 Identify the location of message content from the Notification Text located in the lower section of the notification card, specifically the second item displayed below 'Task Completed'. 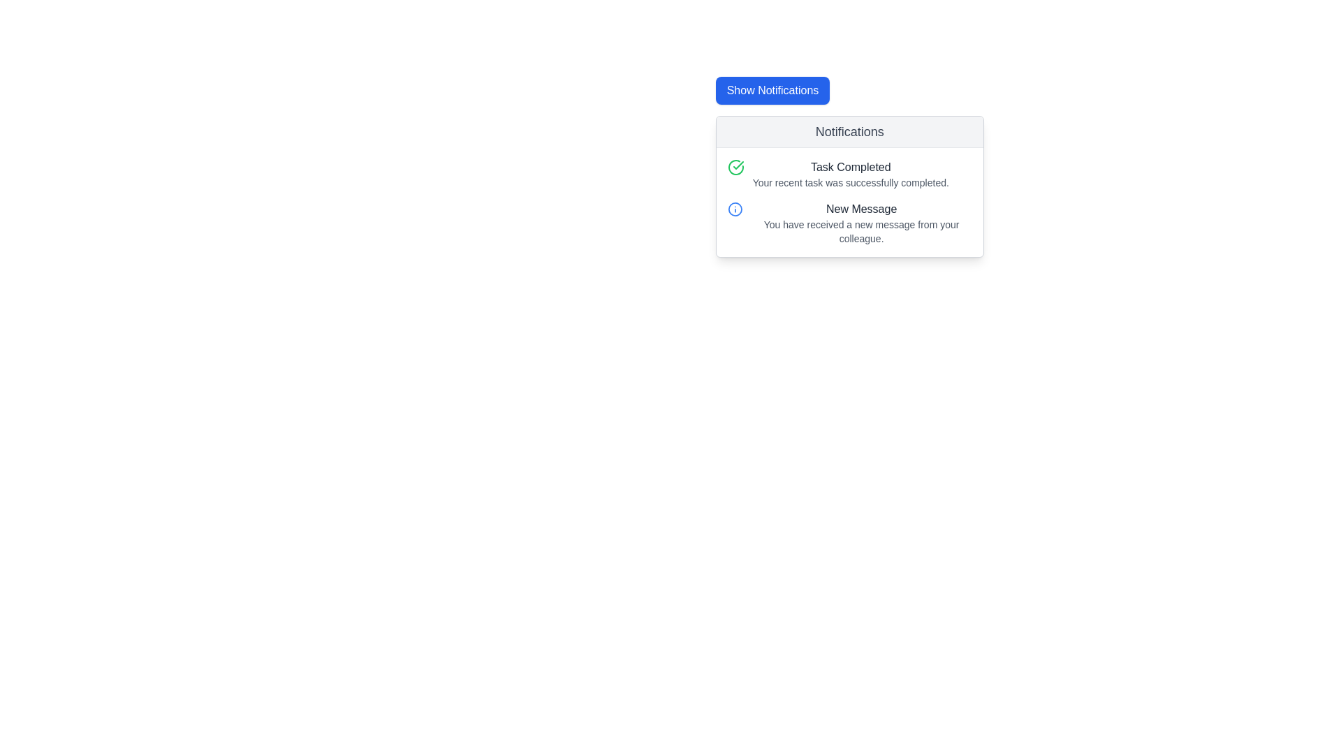
(860, 223).